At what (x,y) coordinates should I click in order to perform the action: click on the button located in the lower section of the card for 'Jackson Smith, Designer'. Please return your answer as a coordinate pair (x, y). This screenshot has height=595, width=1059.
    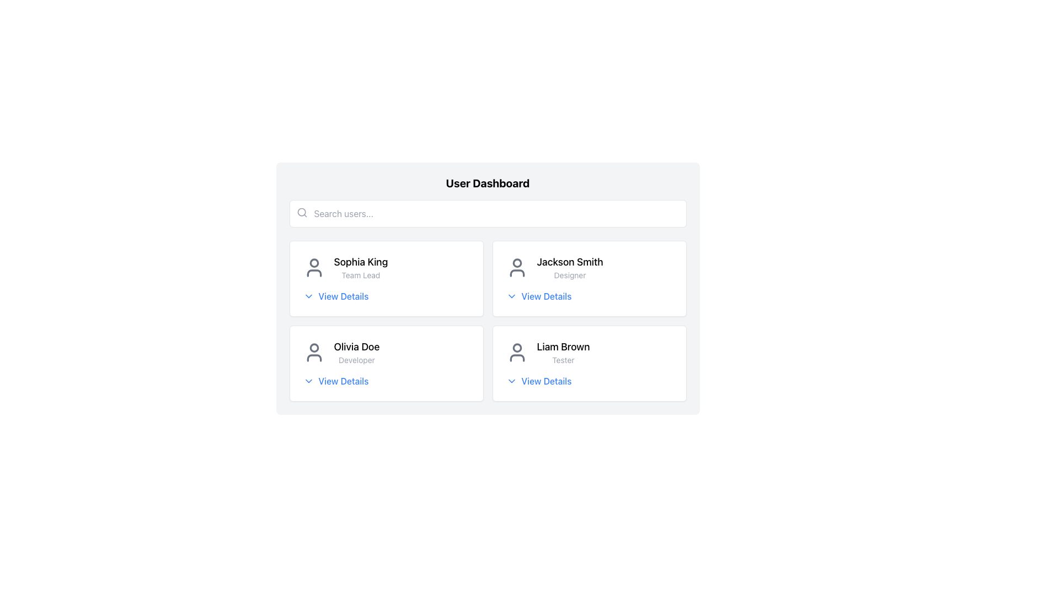
    Looking at the image, I should click on (539, 295).